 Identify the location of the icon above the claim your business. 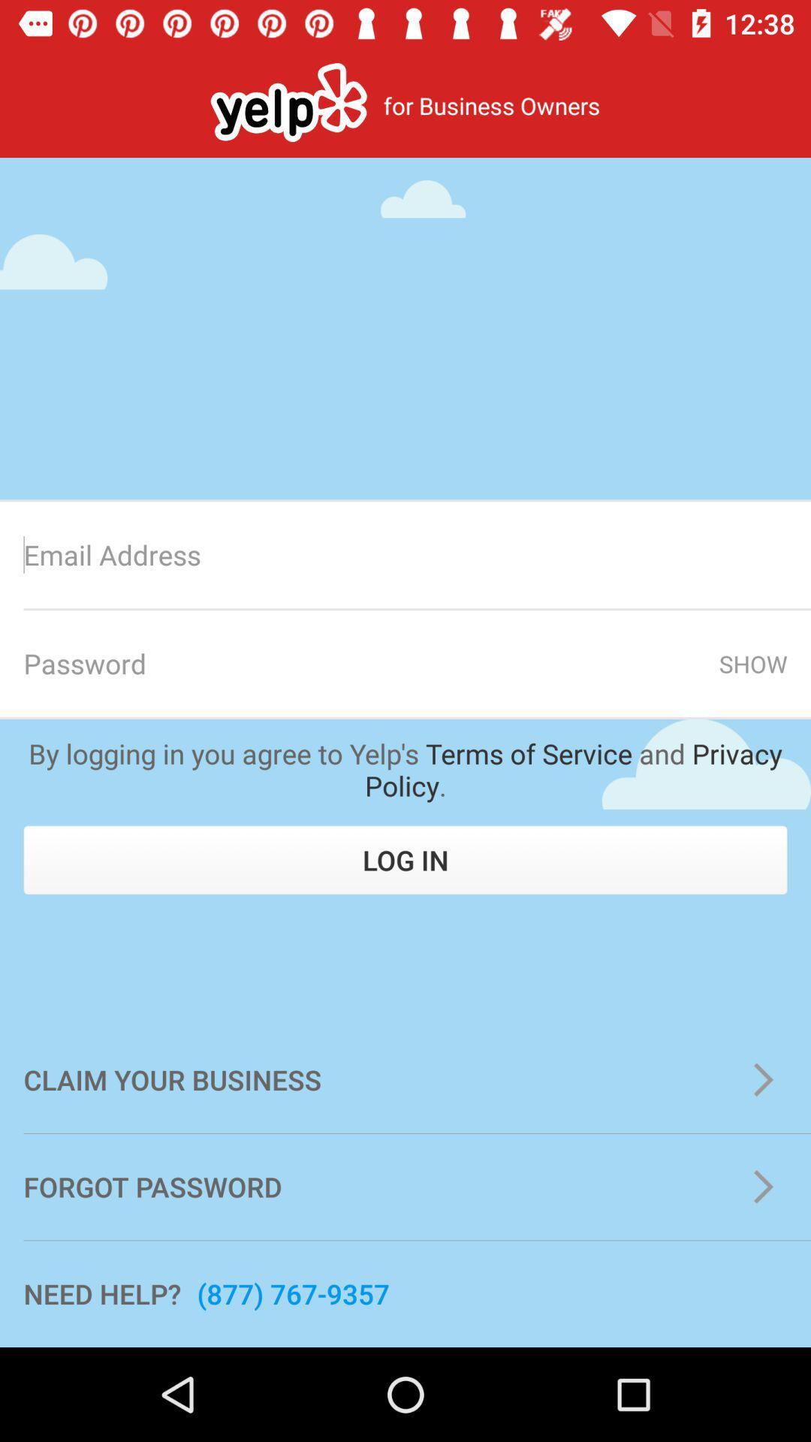
(405, 860).